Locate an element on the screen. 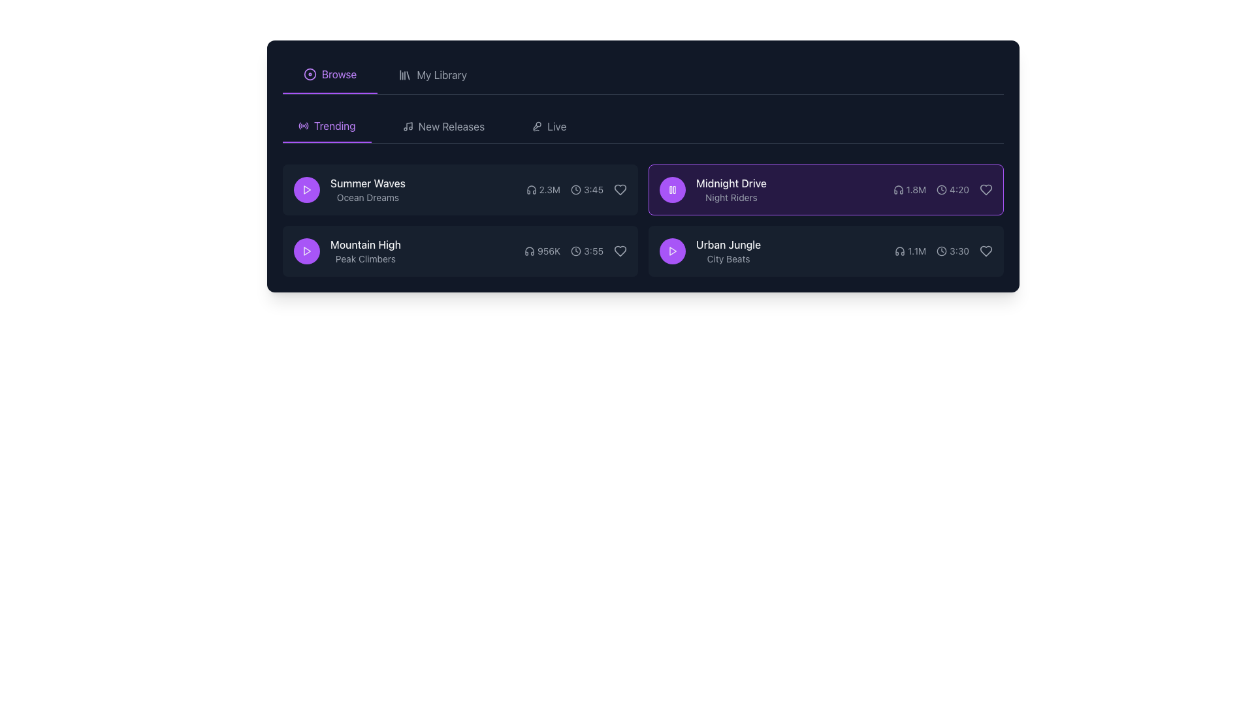 The image size is (1254, 705). the text label representing a media item in the playlist is located at coordinates (709, 251).